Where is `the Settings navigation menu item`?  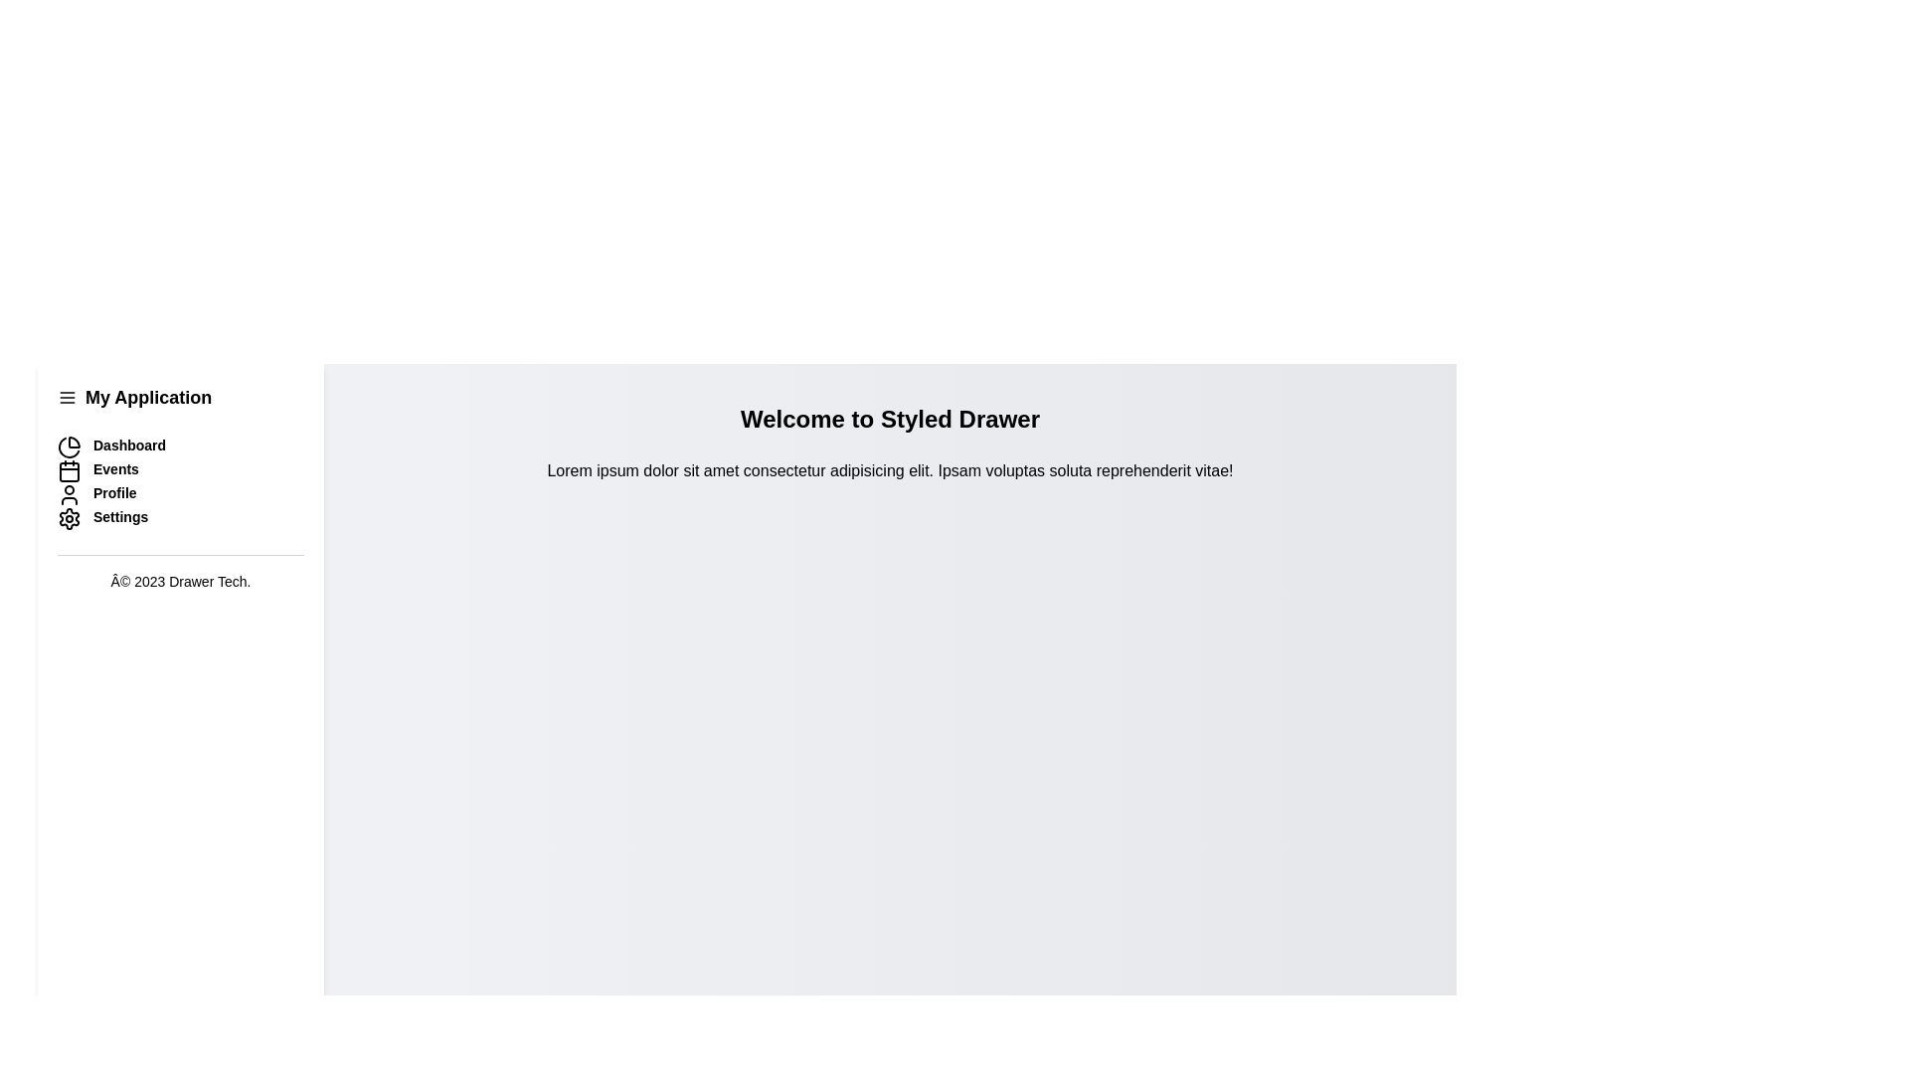
the Settings navigation menu item is located at coordinates (181, 517).